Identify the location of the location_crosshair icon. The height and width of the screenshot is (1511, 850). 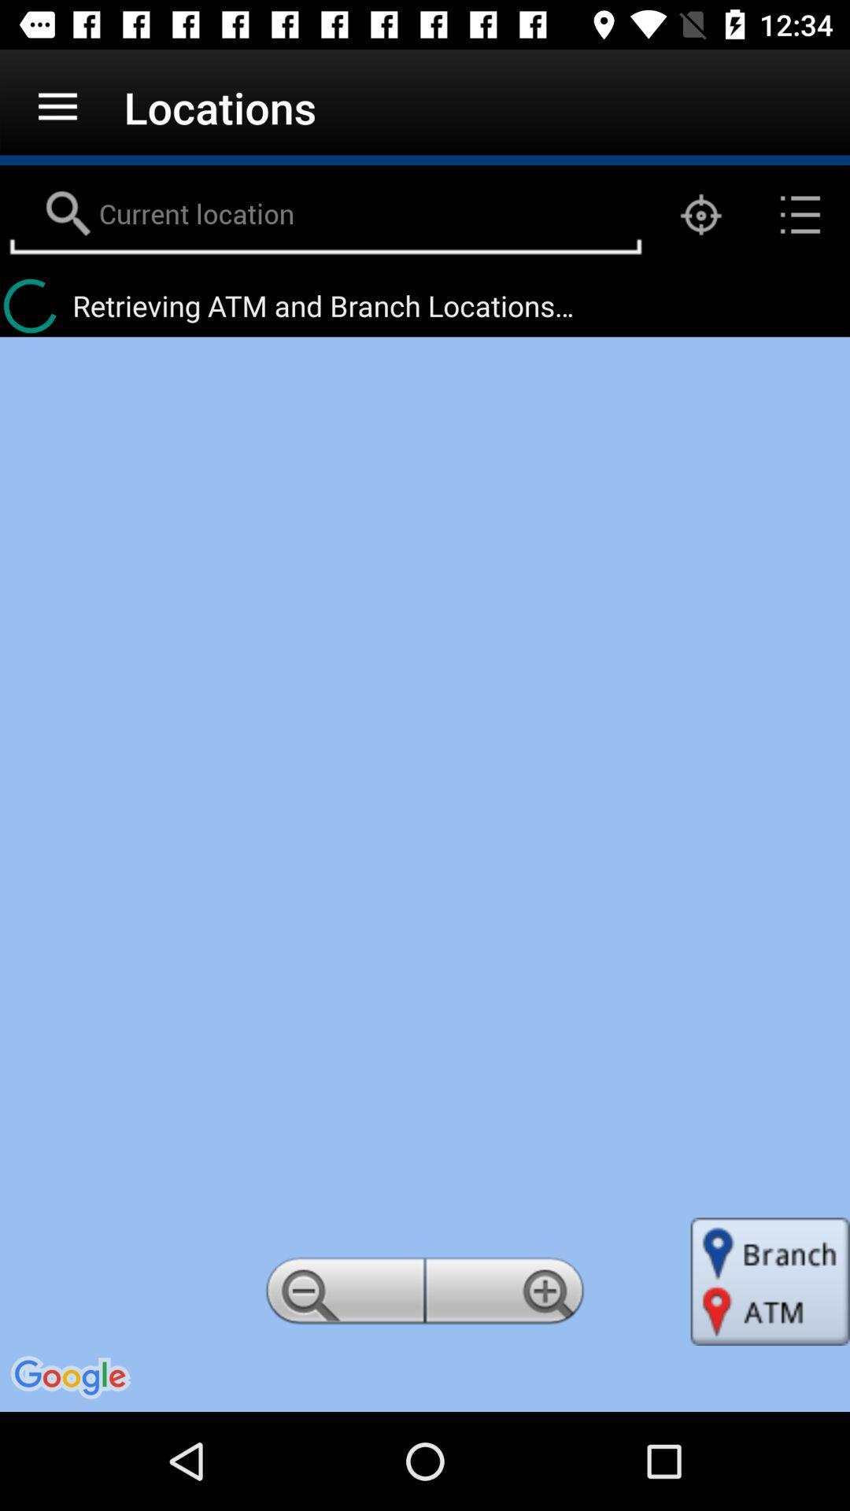
(700, 214).